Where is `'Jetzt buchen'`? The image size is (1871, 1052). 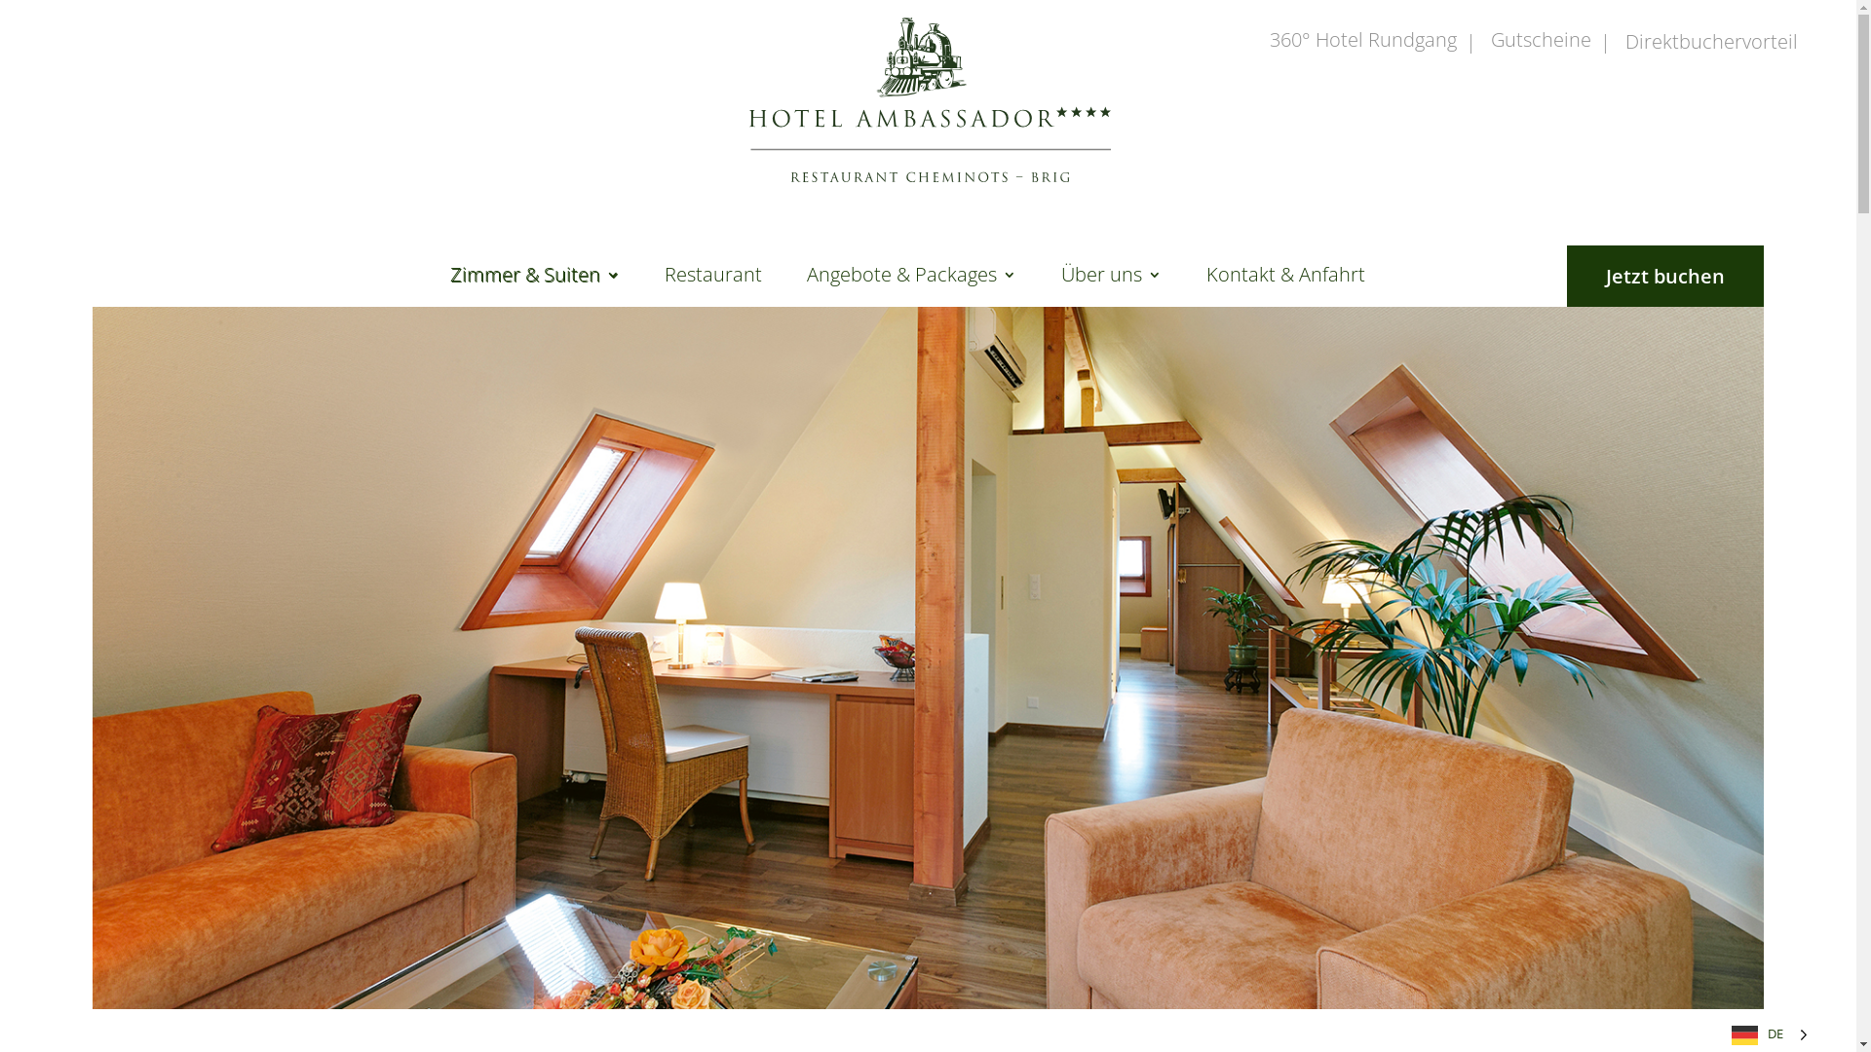
'Jetzt buchen' is located at coordinates (1663, 276).